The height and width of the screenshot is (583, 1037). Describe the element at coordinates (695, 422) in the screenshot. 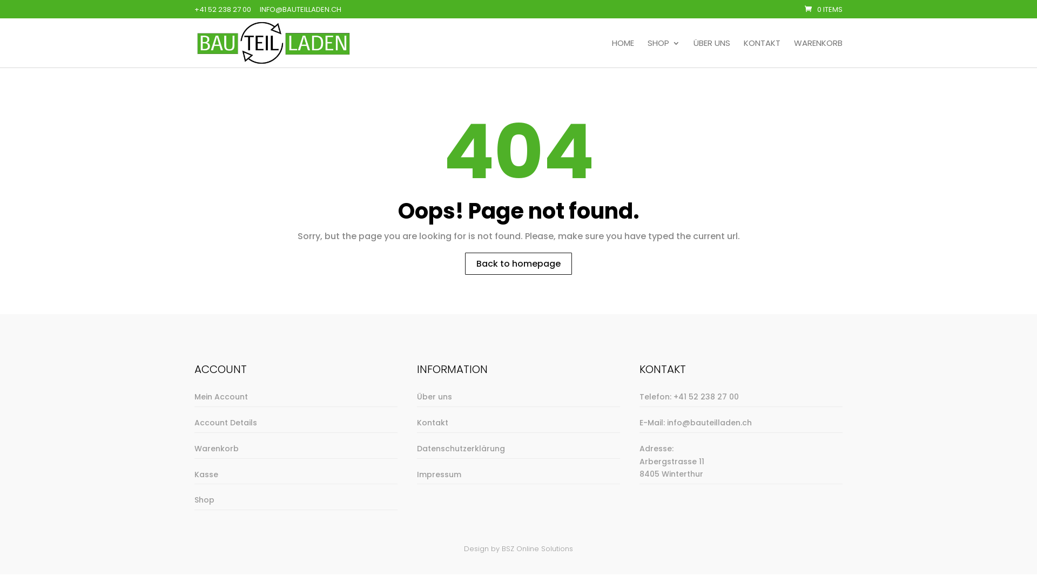

I see `'E-Mail: info@bauteilladen.ch'` at that location.